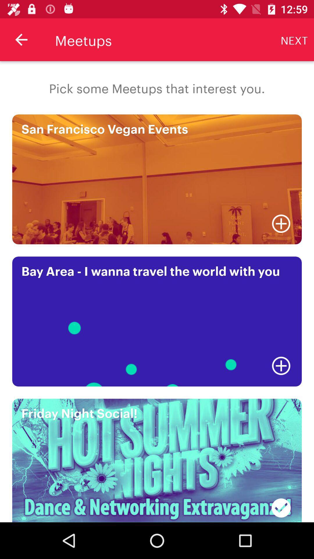 This screenshot has width=314, height=559. I want to click on the item at the bottom right corner, so click(281, 504).